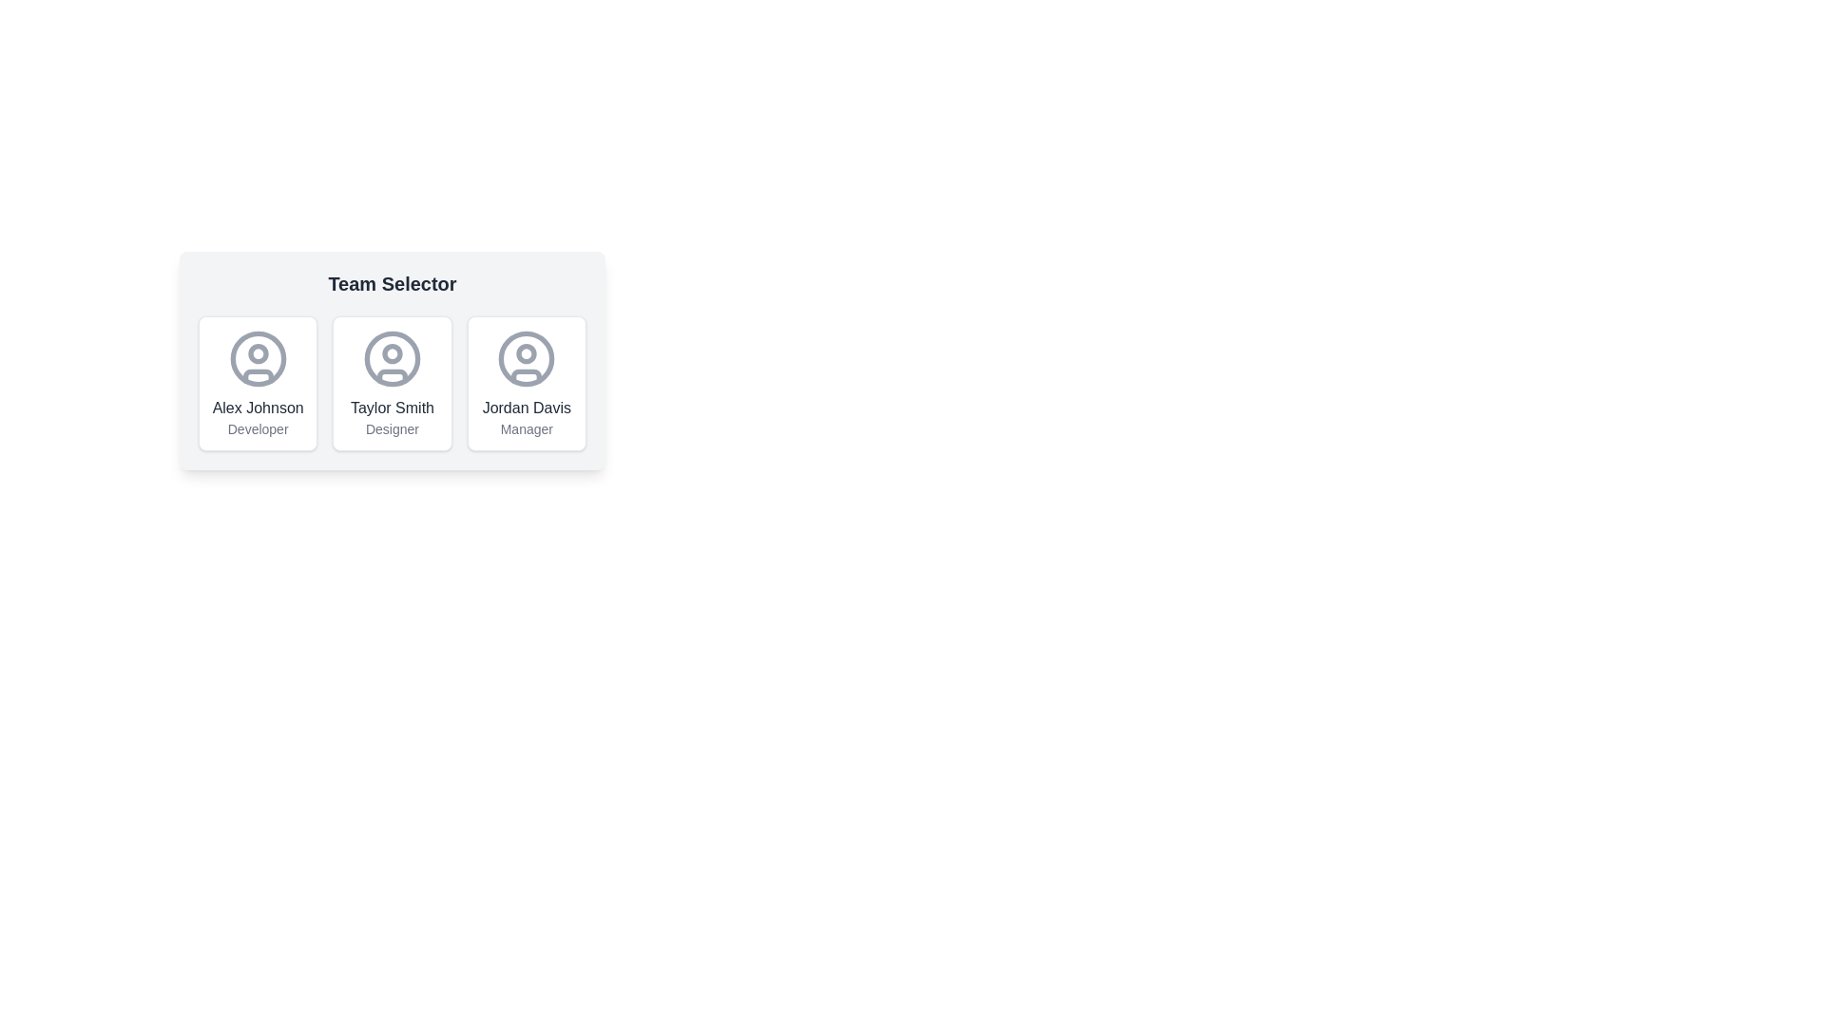 The image size is (1825, 1026). What do you see at coordinates (257, 376) in the screenshot?
I see `the lower edge of the user icon for 'Alex Johnson' within the circular avatar graphic located in the first column of the 'Team Selector'` at bounding box center [257, 376].